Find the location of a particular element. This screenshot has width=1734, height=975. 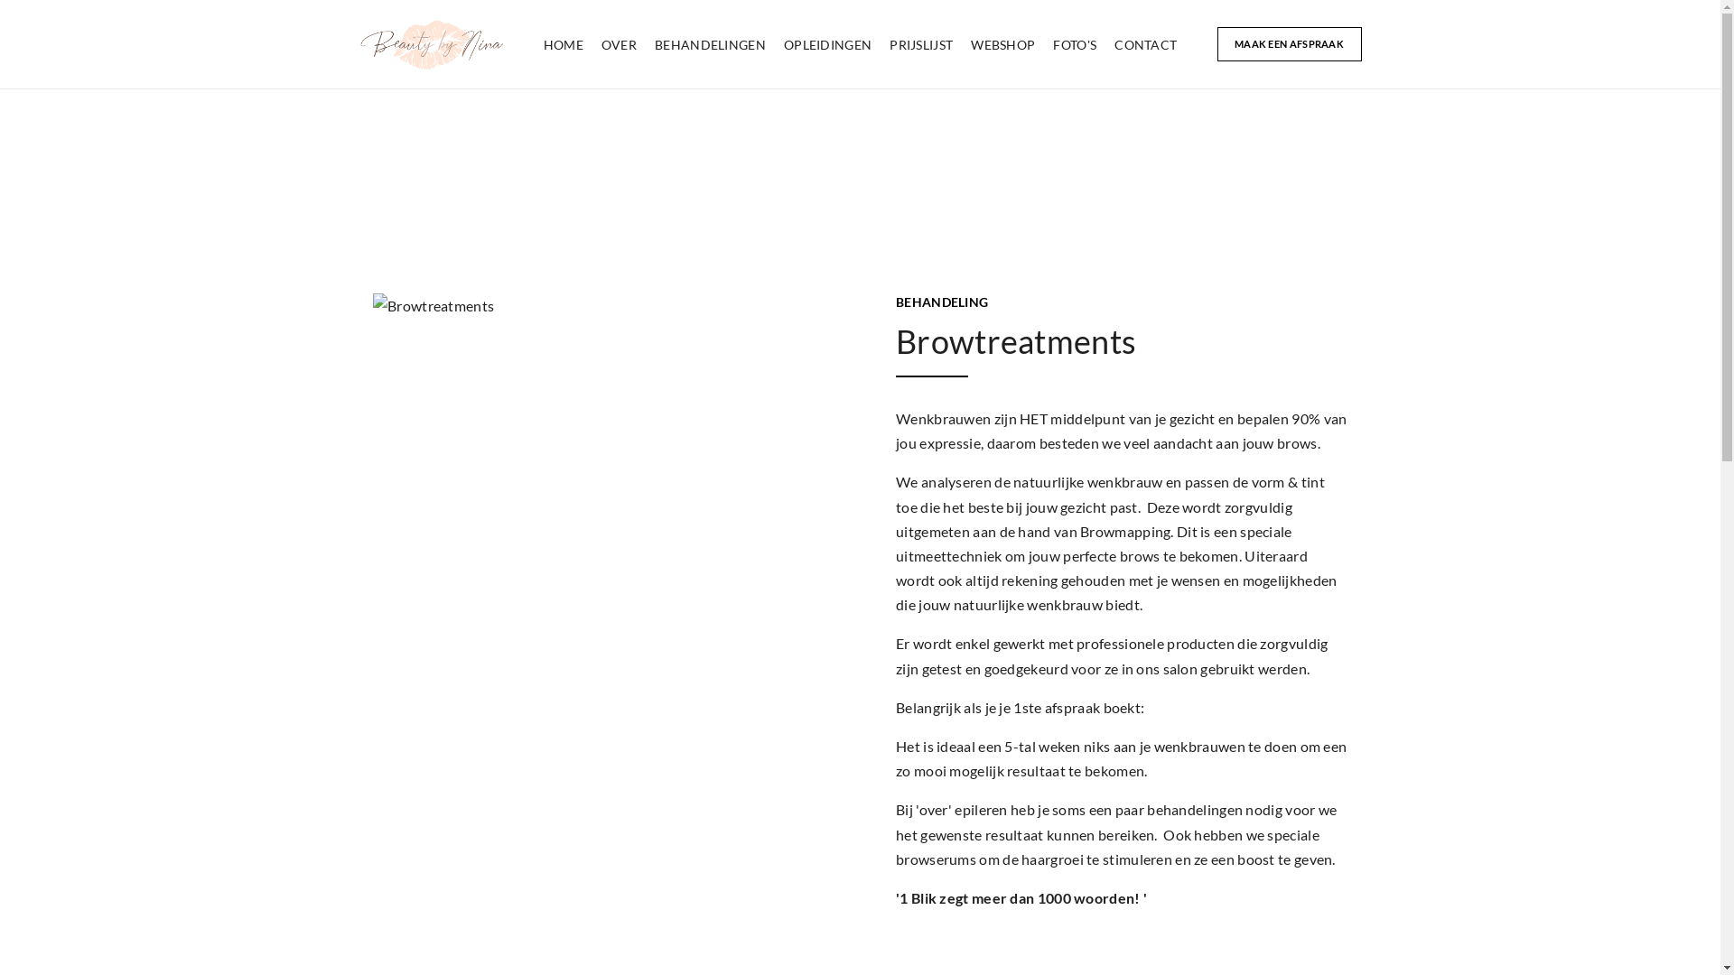

'CONTACT' is located at coordinates (1144, 43).